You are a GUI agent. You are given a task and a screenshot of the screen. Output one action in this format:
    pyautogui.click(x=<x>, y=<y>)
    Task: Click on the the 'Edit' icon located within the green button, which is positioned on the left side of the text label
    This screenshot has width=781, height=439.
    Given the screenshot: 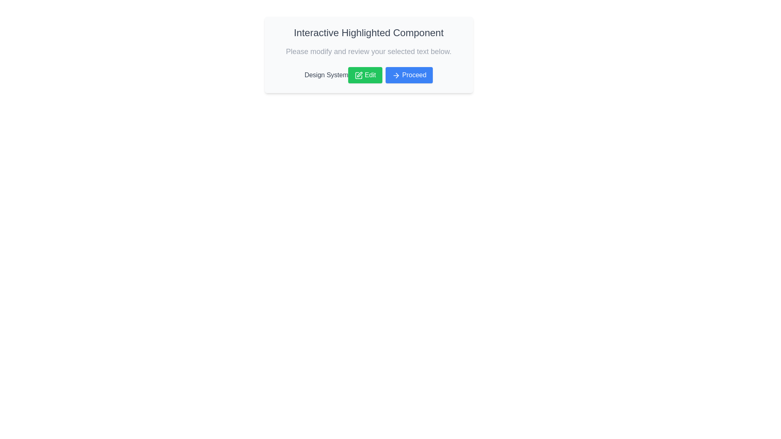 What is the action you would take?
    pyautogui.click(x=358, y=75)
    